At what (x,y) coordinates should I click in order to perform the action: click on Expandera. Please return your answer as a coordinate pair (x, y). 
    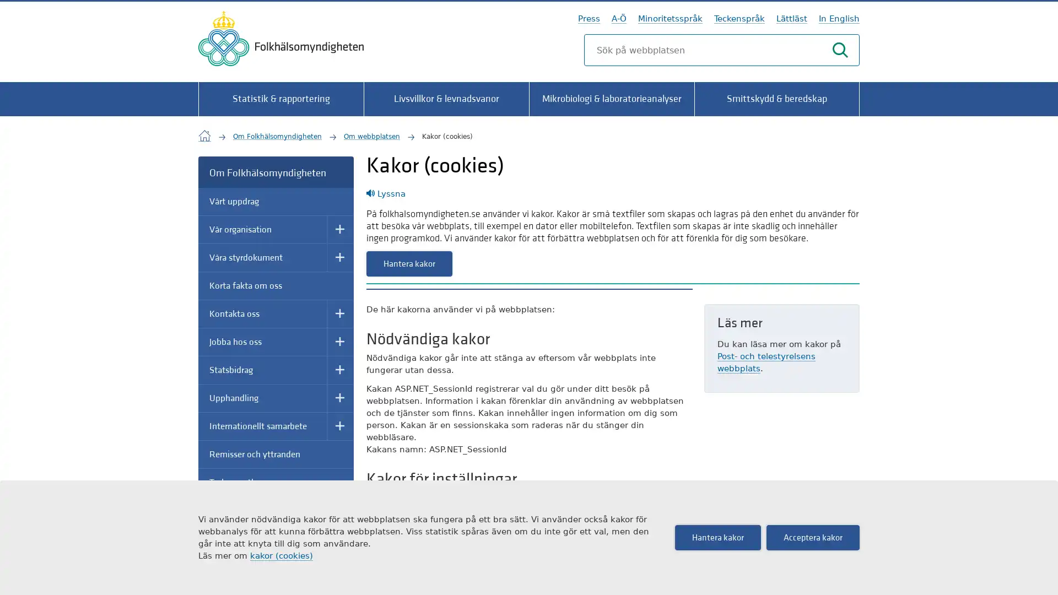
    Looking at the image, I should click on (339, 398).